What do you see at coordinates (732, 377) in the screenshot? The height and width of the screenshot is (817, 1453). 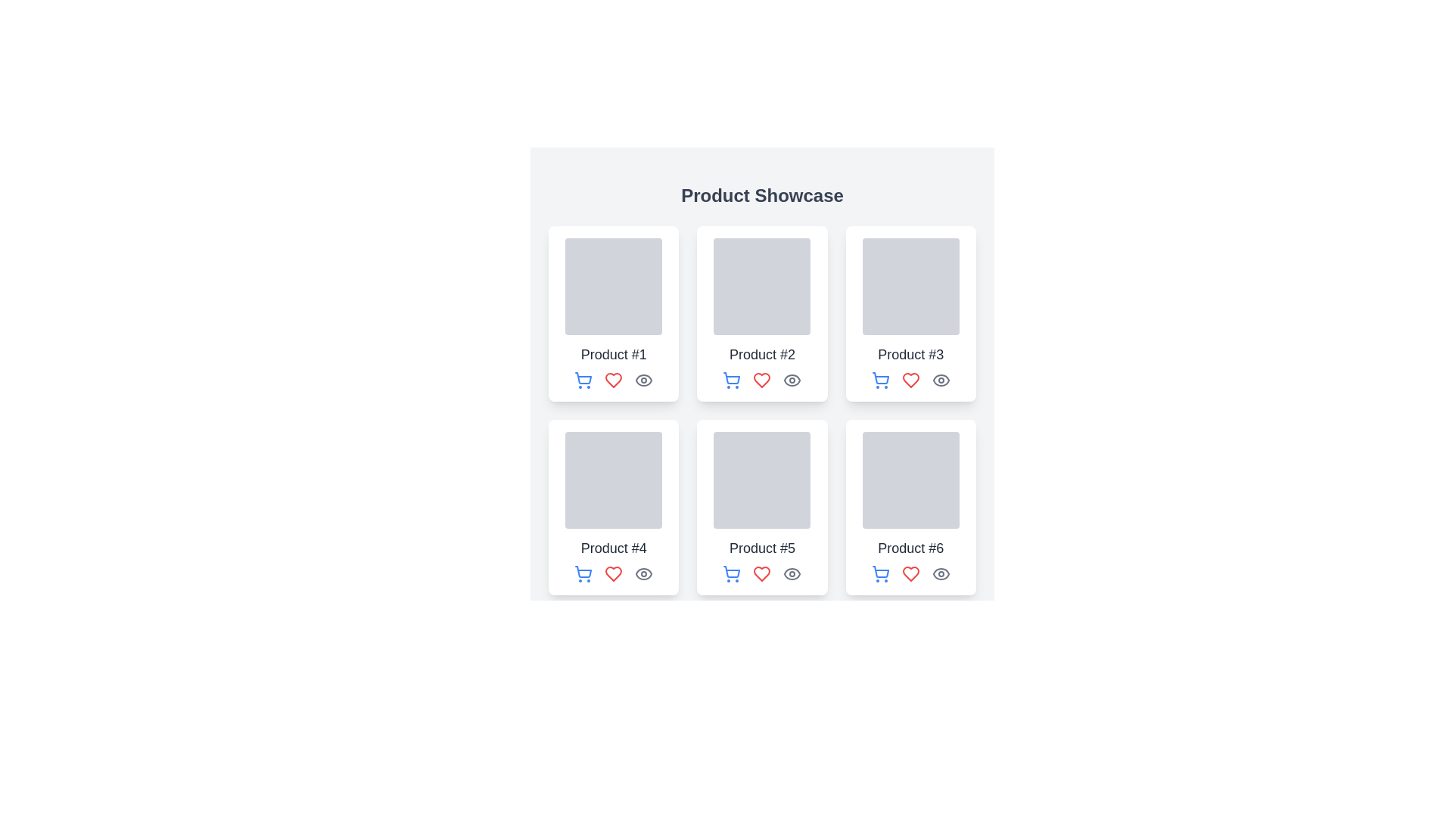 I see `the icon` at bounding box center [732, 377].